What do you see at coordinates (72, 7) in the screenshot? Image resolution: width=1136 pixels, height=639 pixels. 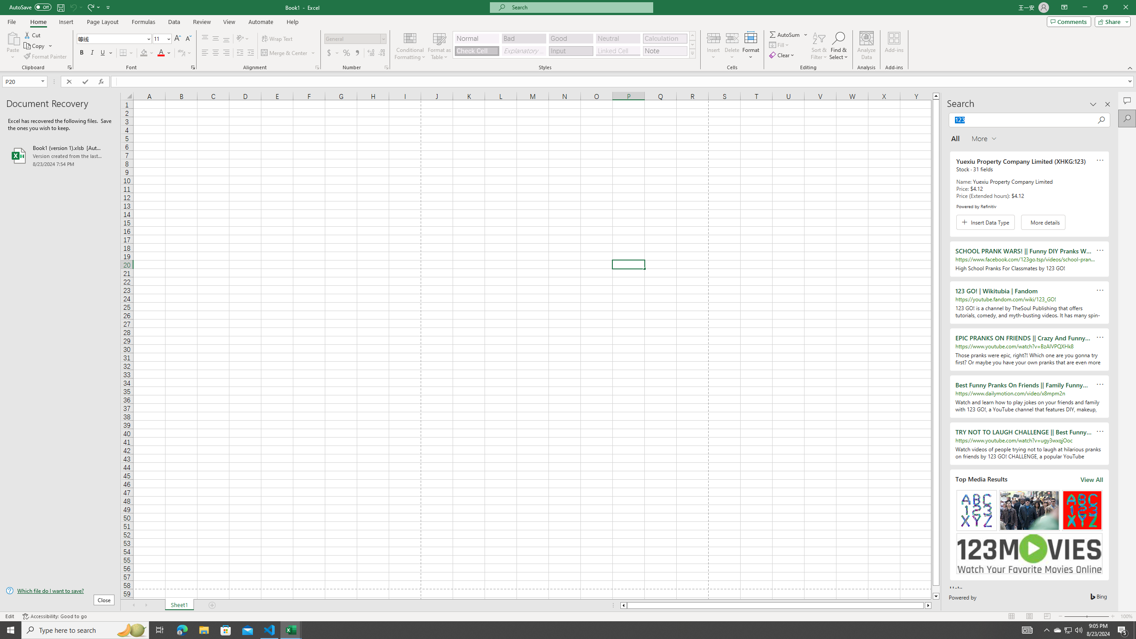 I see `'Undo'` at bounding box center [72, 7].